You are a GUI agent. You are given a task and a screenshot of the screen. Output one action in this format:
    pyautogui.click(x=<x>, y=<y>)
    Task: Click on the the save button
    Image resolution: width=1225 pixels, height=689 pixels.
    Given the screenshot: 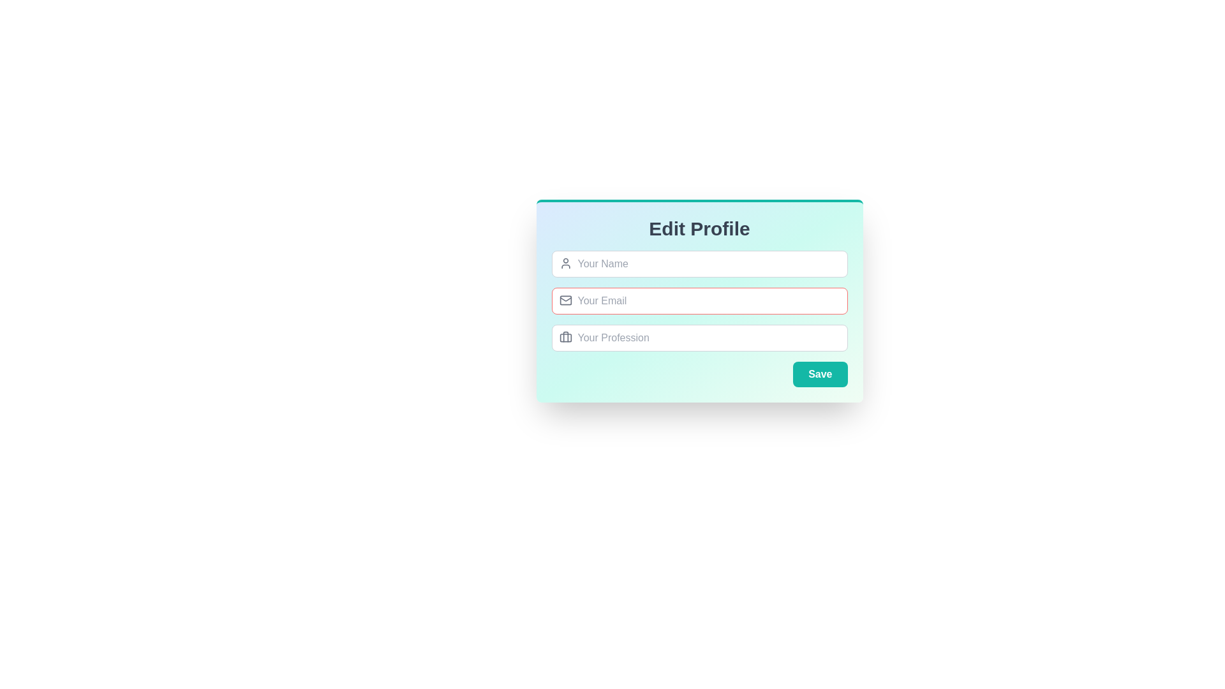 What is the action you would take?
    pyautogui.click(x=820, y=373)
    